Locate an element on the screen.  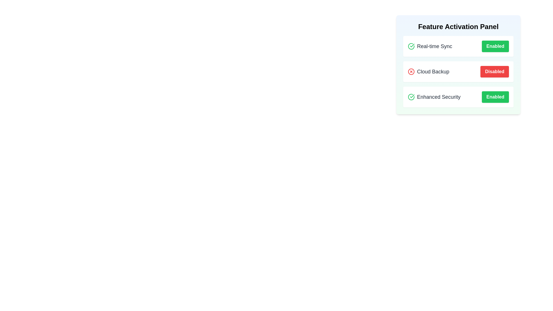
the 'Disabled' button next to 'Cloud Backup' to toggle its state is located at coordinates (494, 71).